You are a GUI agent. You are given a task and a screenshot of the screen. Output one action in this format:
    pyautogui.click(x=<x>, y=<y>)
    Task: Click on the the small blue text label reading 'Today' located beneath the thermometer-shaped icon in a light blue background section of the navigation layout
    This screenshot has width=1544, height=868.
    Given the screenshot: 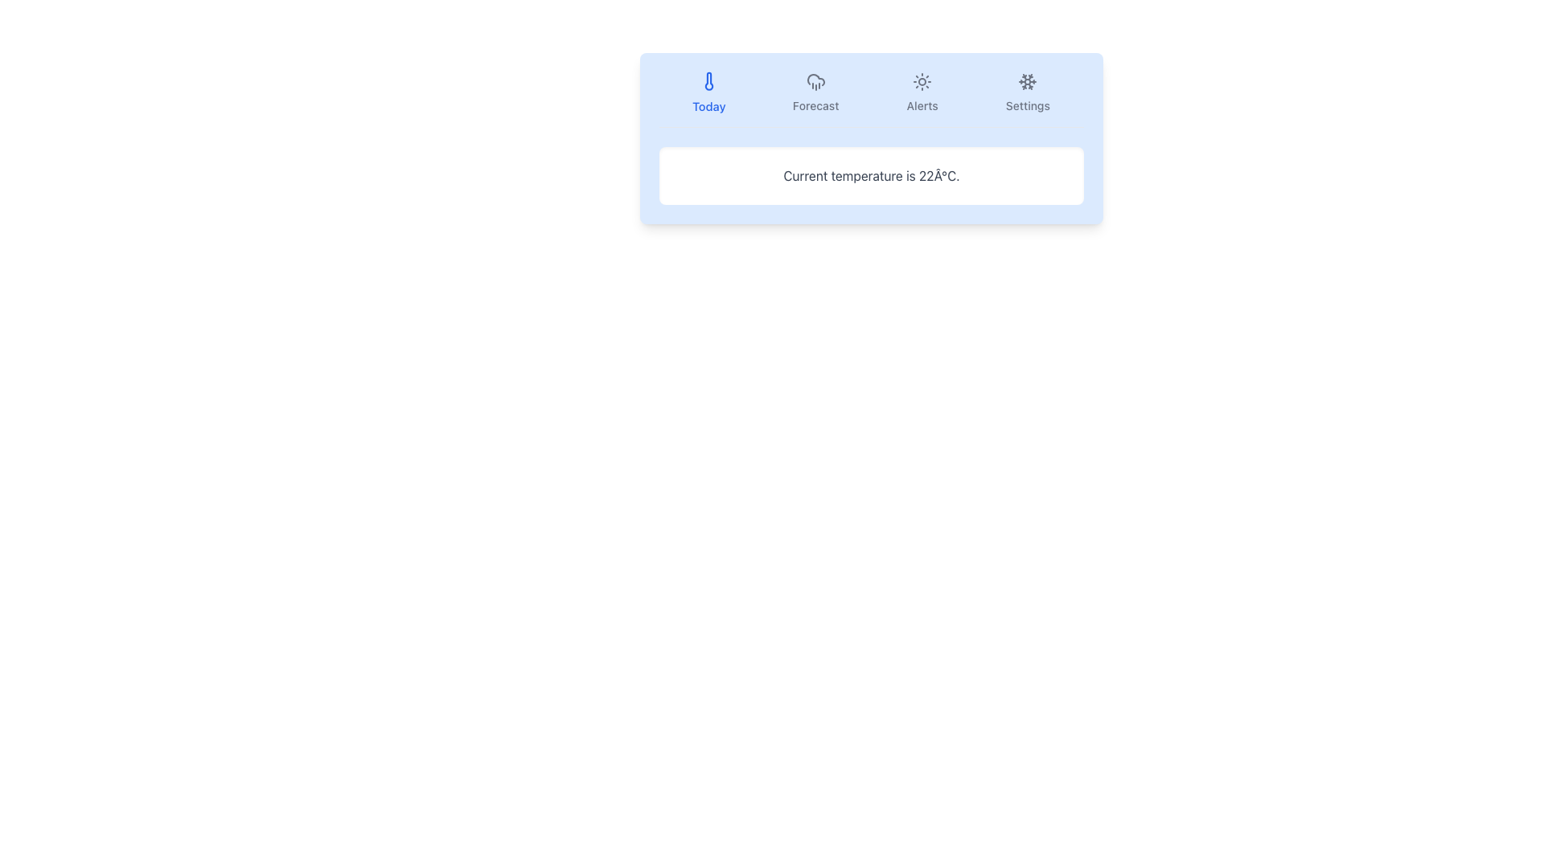 What is the action you would take?
    pyautogui.click(x=708, y=106)
    